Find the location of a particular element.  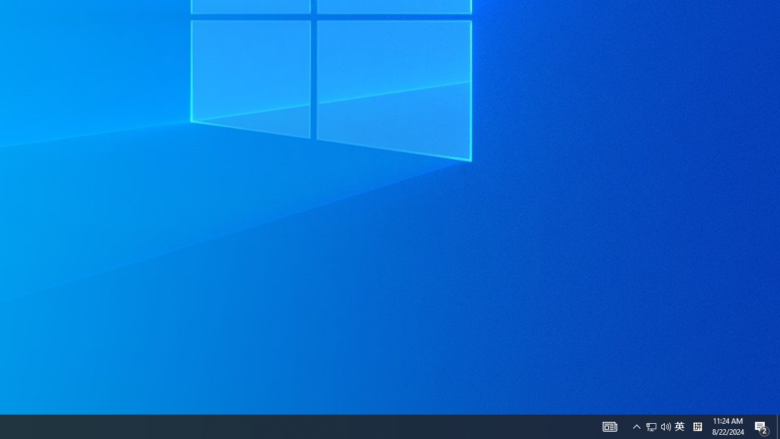

'AutomationID: 4105' is located at coordinates (636, 426).